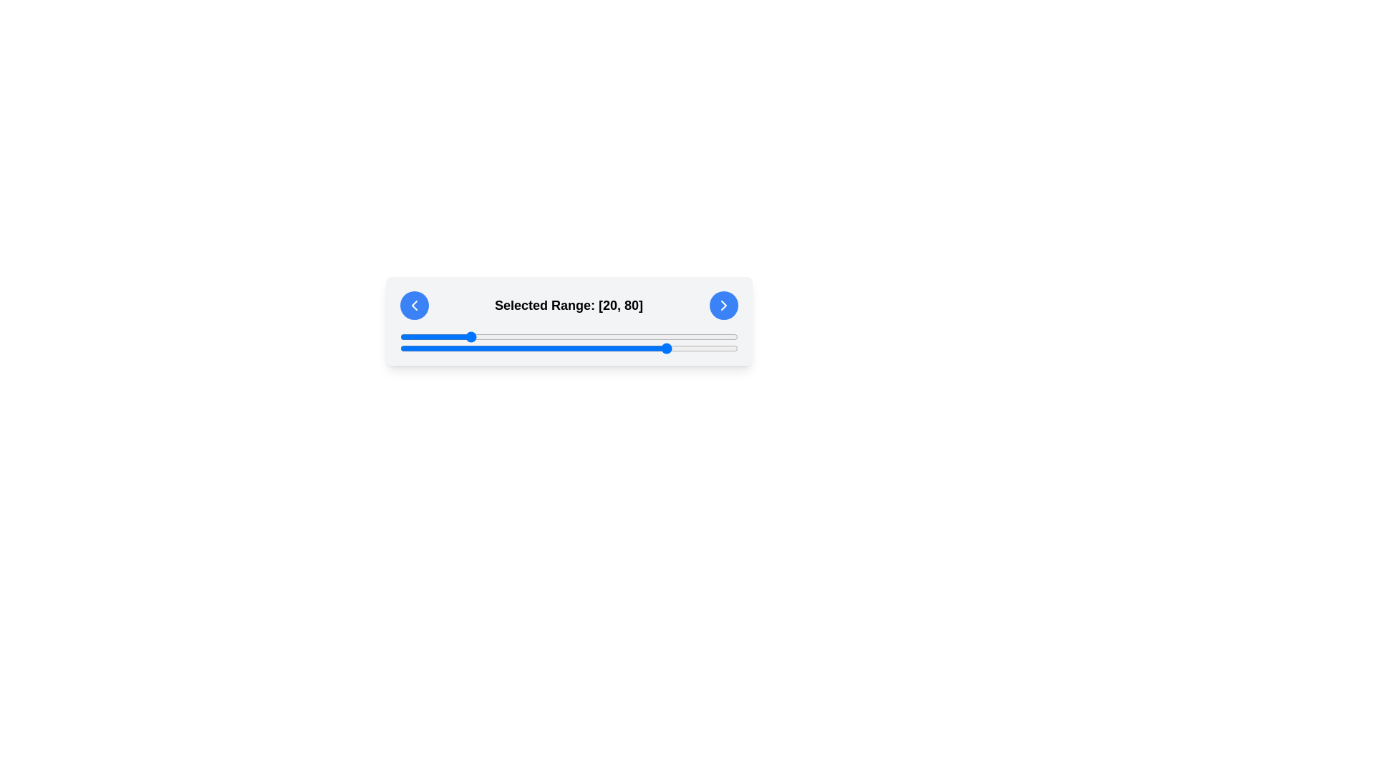  What do you see at coordinates (471, 348) in the screenshot?
I see `the slider` at bounding box center [471, 348].